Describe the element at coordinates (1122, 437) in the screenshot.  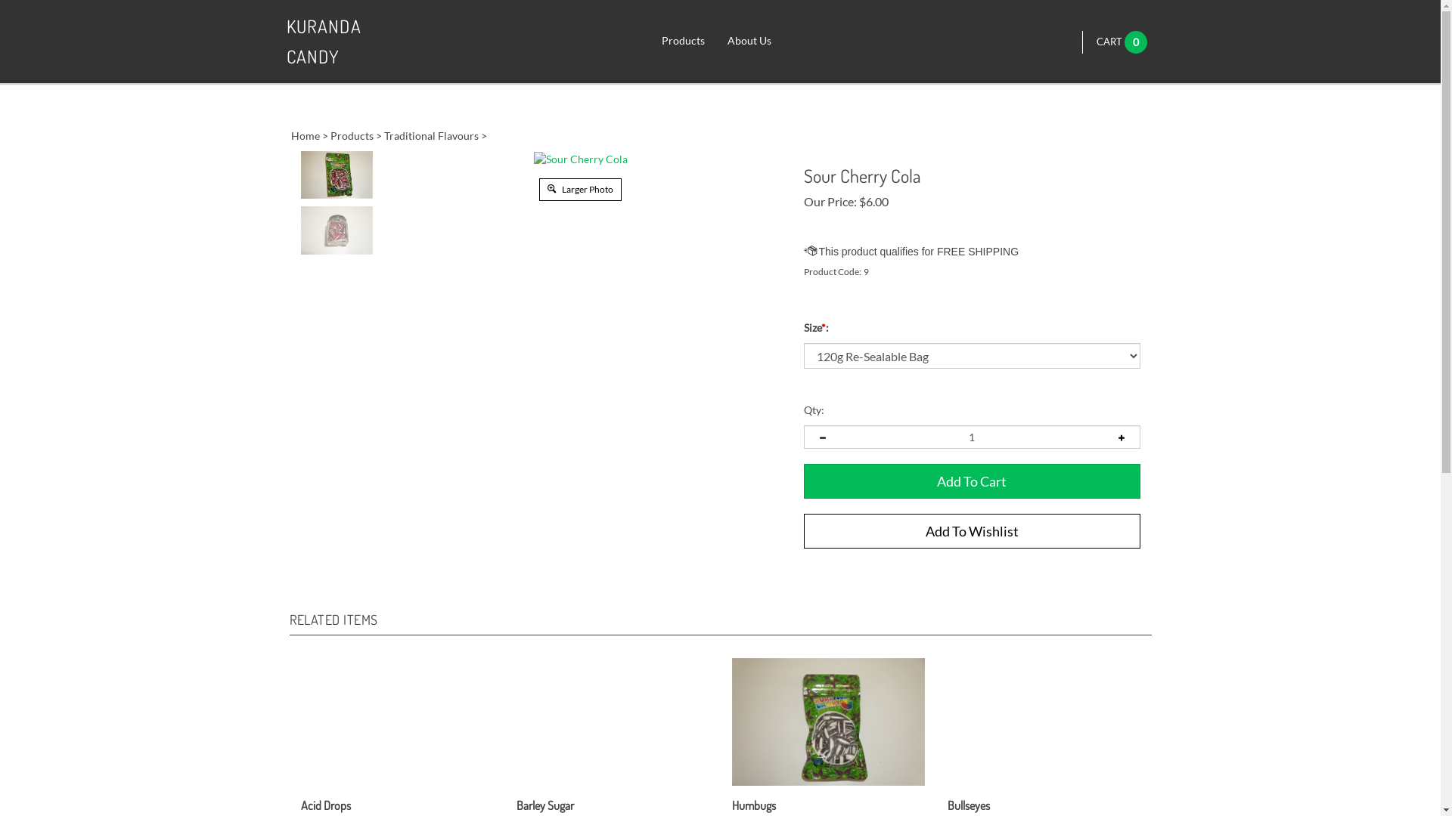
I see `'plus'` at that location.